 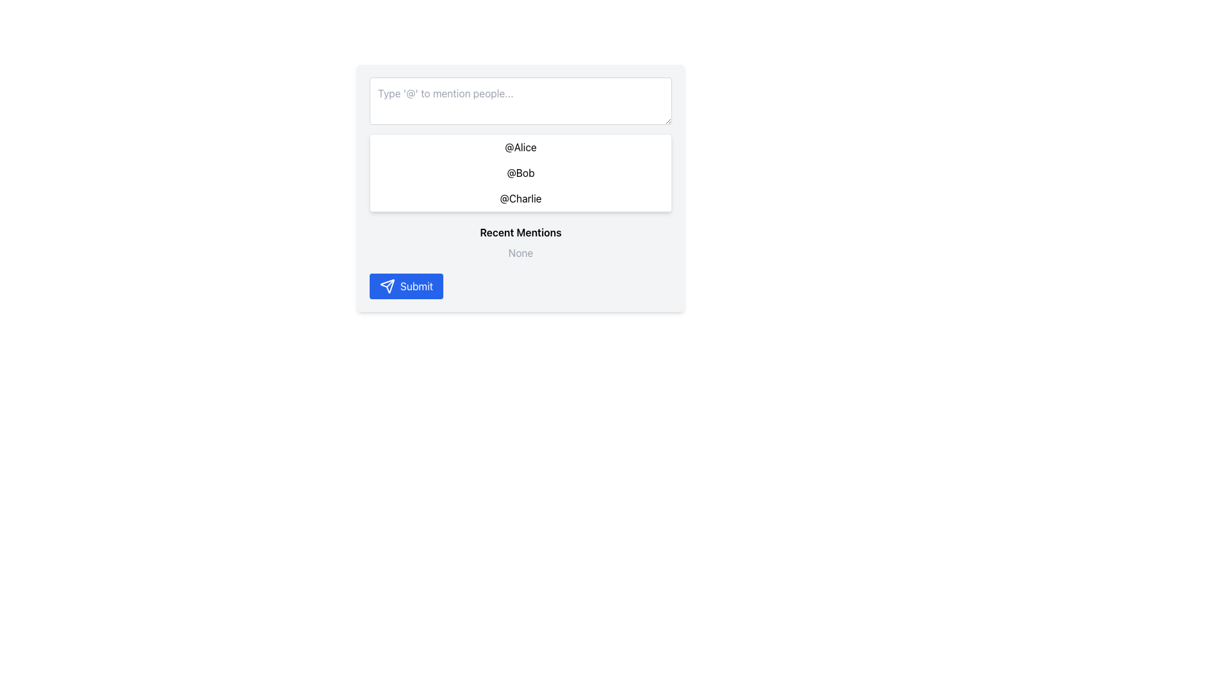 What do you see at coordinates (406, 286) in the screenshot?
I see `the blue 'Submit' button with white text and a paper plane icon` at bounding box center [406, 286].